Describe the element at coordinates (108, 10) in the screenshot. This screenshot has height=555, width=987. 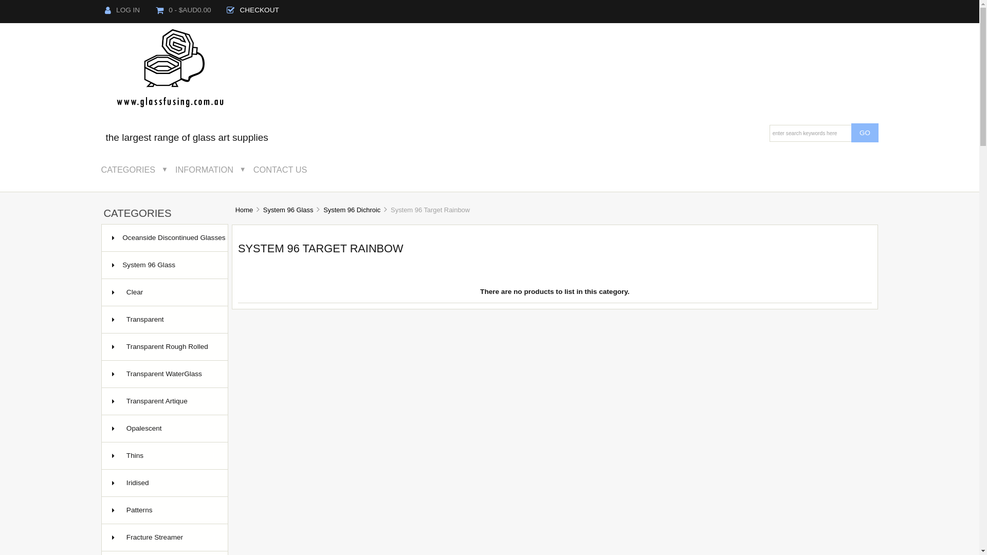
I see `'Login'` at that location.